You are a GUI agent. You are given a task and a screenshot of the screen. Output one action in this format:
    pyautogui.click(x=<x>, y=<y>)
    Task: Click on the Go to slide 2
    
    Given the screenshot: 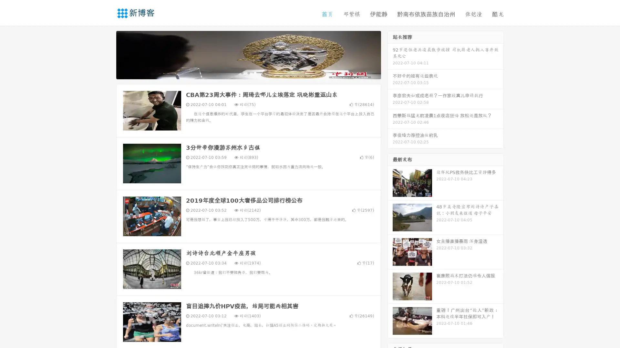 What is the action you would take?
    pyautogui.click(x=248, y=72)
    